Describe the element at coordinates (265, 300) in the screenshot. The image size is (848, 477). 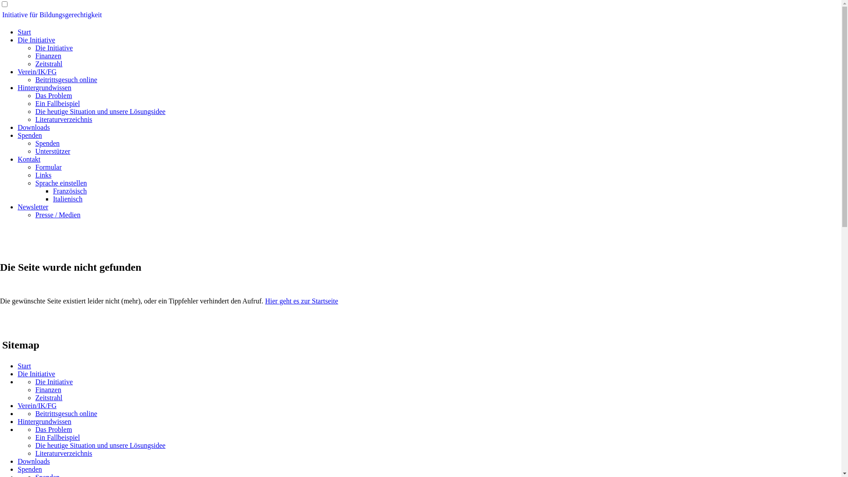
I see `'Hier geht es zur Startseite'` at that location.